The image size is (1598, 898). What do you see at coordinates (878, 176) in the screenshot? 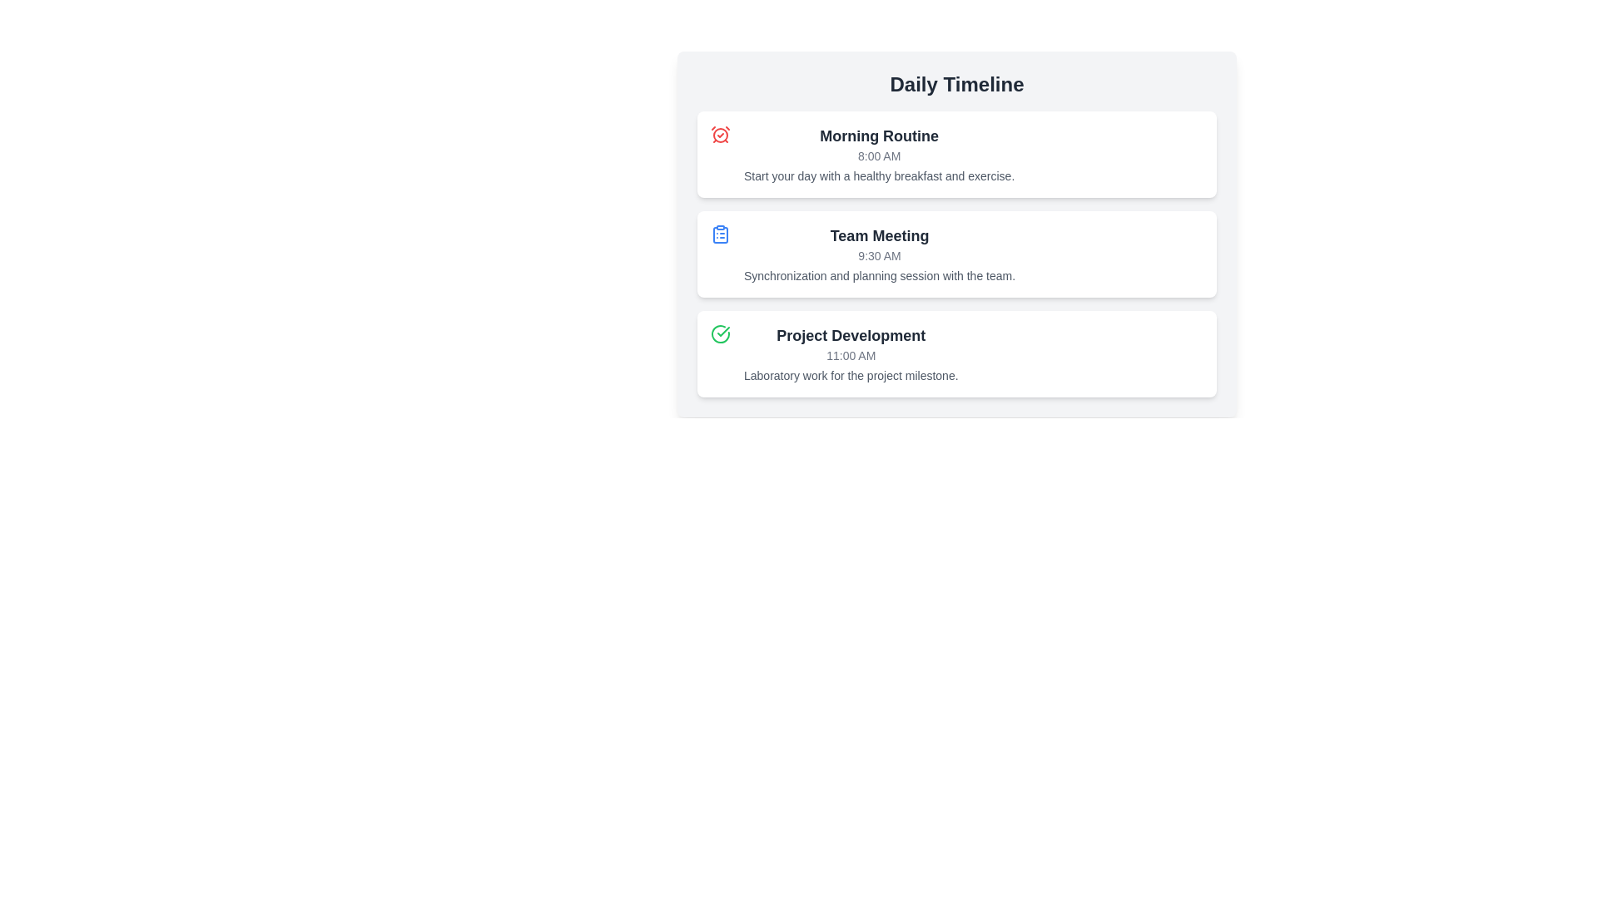
I see `the static text that provides additional descriptive details about the 'Morning Routine', positioned below the title and timestamp in the top-left section of the interface` at bounding box center [878, 176].